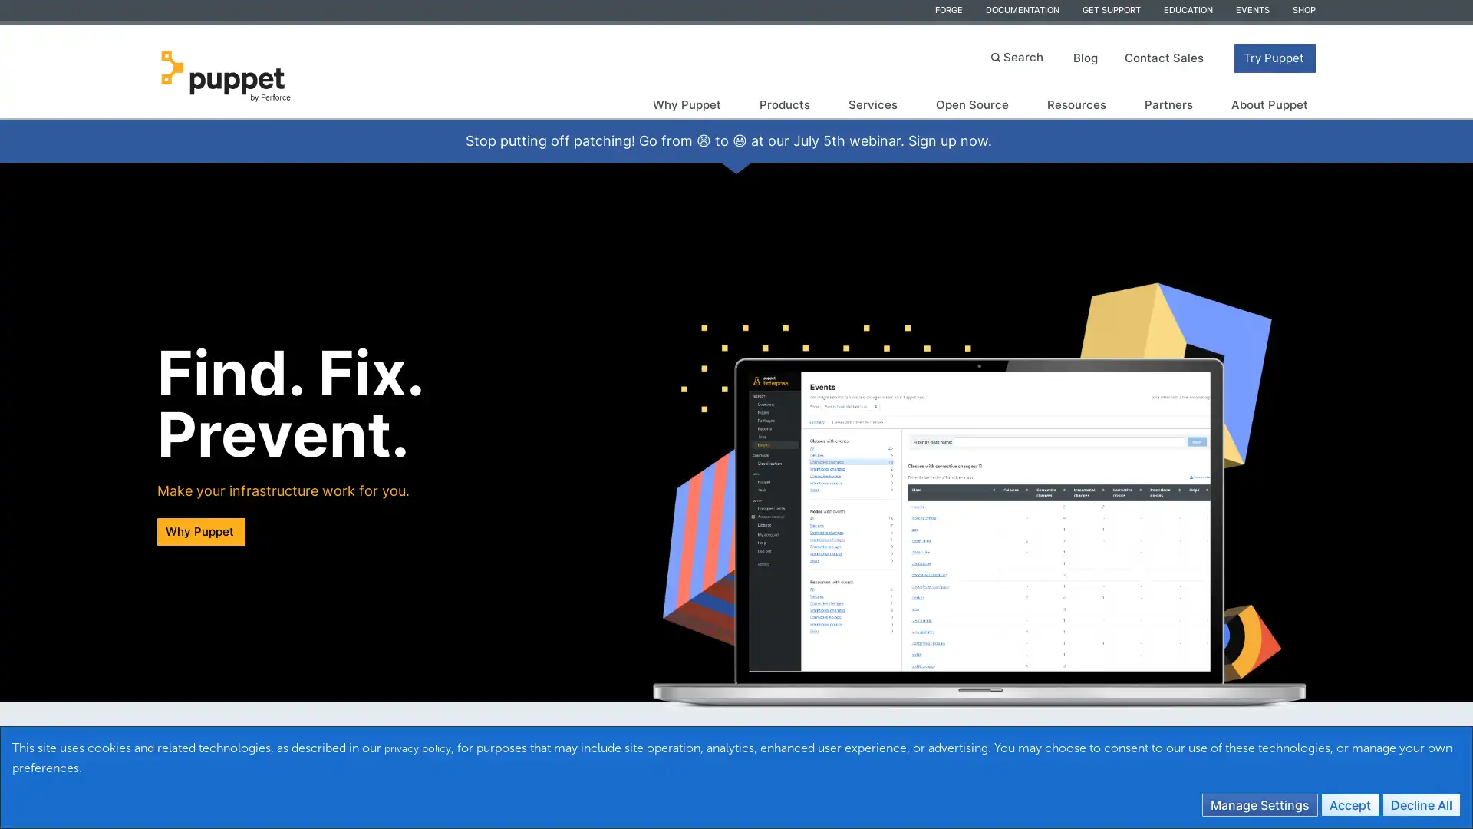 Image resolution: width=1473 pixels, height=829 pixels. I want to click on Search, so click(1019, 55).